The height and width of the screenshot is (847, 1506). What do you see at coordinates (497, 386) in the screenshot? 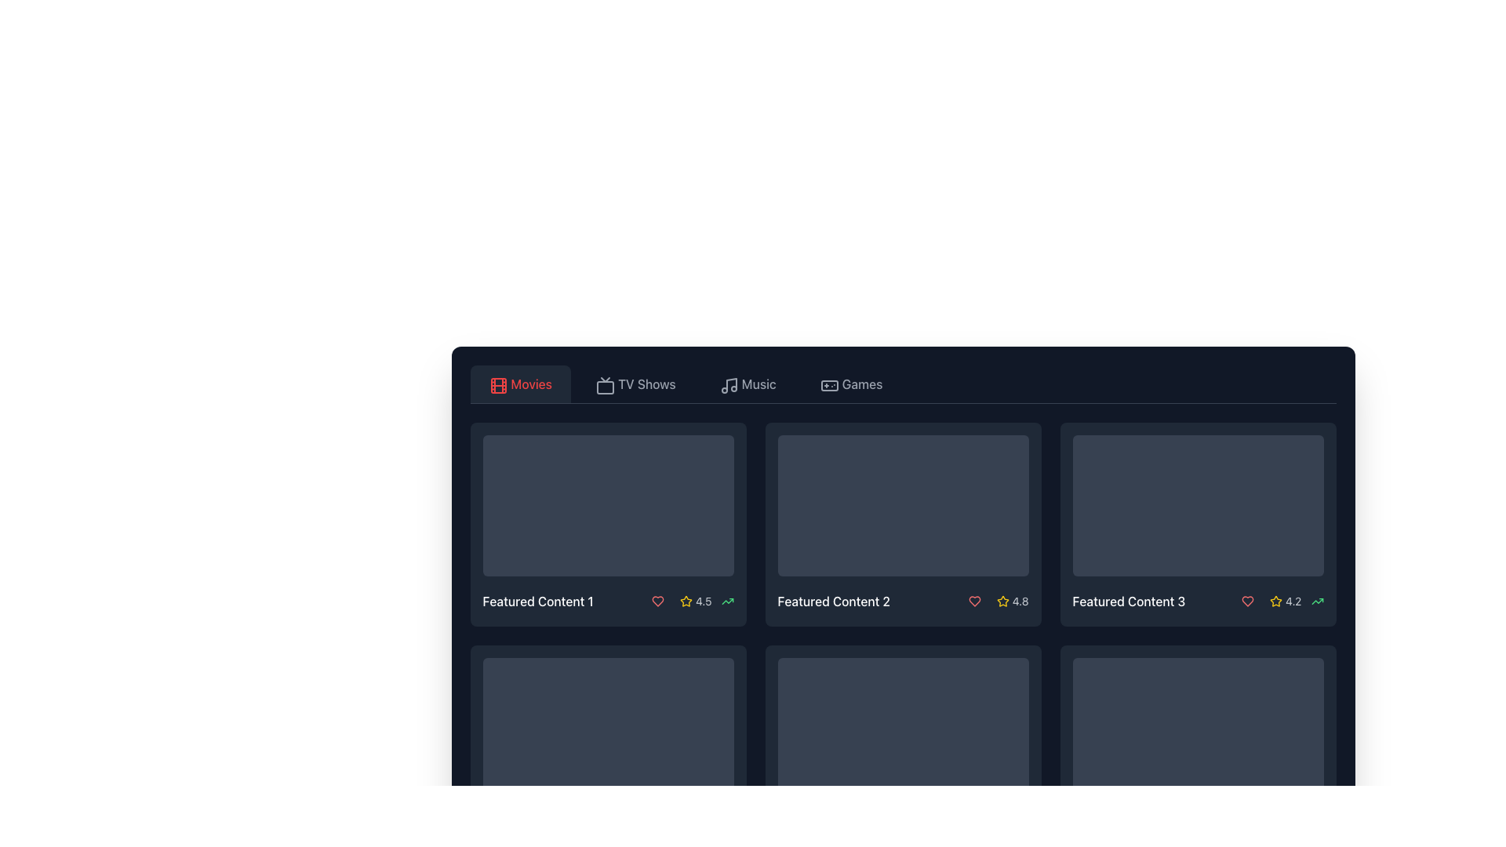
I see `the 'Movies' icon in the navigation bar` at bounding box center [497, 386].